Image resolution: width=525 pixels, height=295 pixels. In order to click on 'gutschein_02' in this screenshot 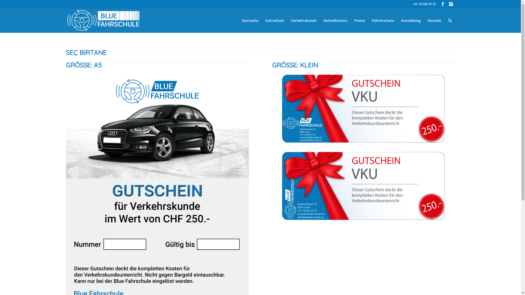, I will do `click(363, 108)`.